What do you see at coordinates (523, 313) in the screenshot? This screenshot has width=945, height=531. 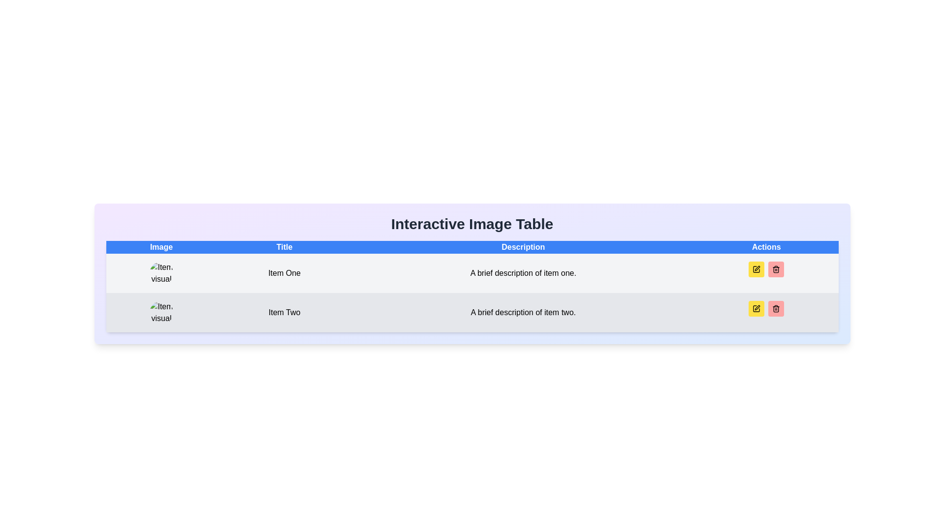 I see `the text element that reads 'A brief description of item two.' which is located in the 'Description' column of the second row of the table, positioned to the right of the 'Item Two' title` at bounding box center [523, 313].